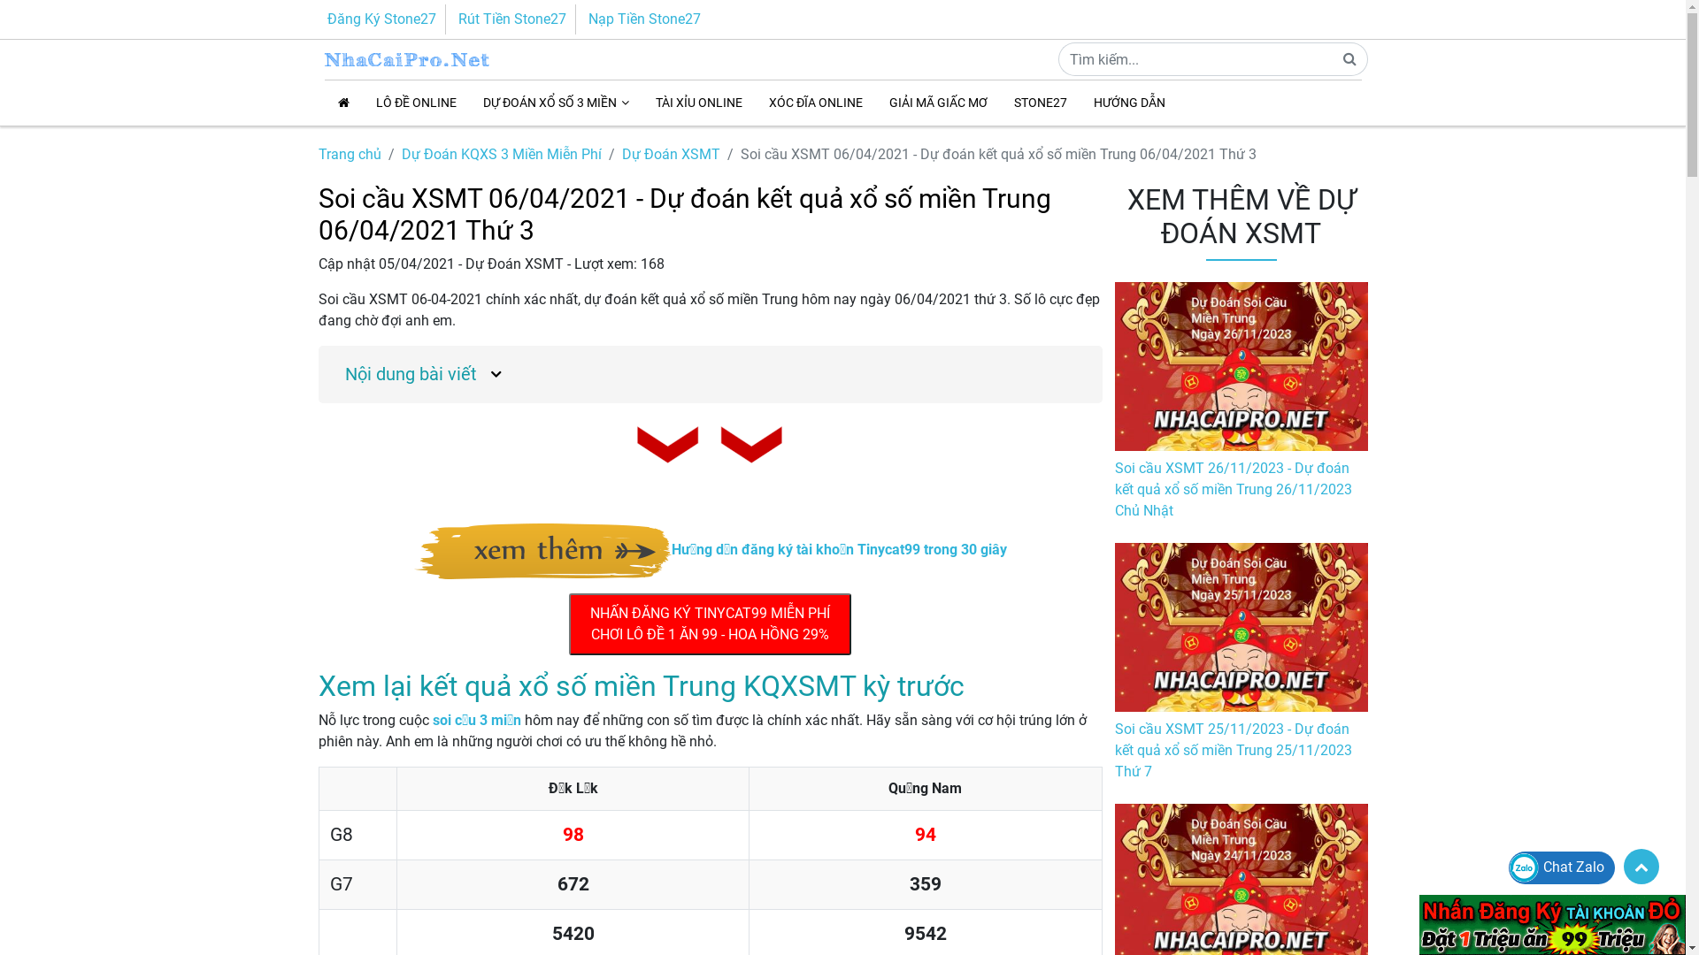  I want to click on 'Chat Zalo', so click(1507, 866).